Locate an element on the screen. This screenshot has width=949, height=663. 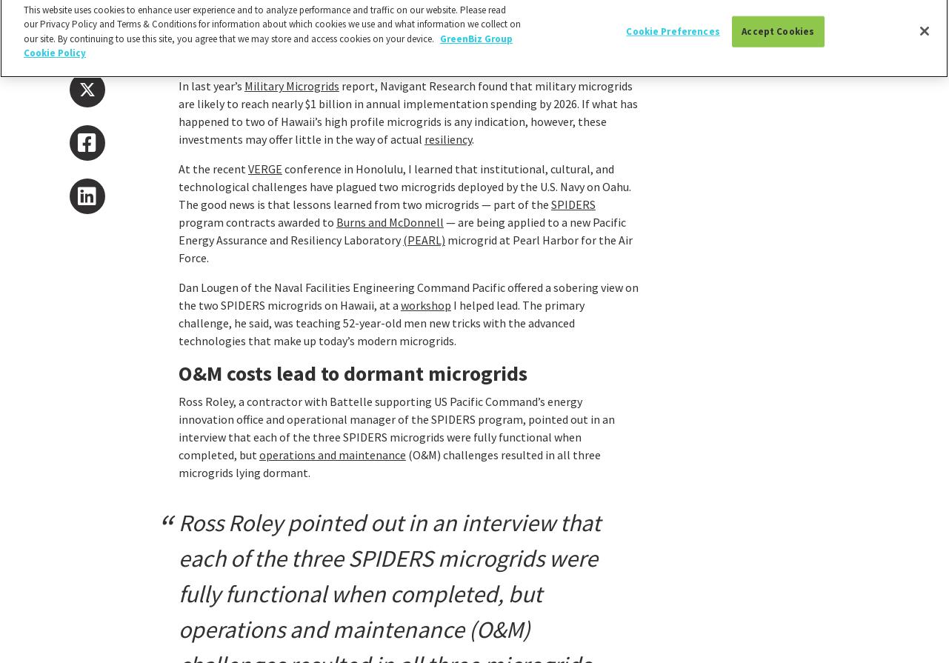
'Military Microgrids' is located at coordinates (291, 85).